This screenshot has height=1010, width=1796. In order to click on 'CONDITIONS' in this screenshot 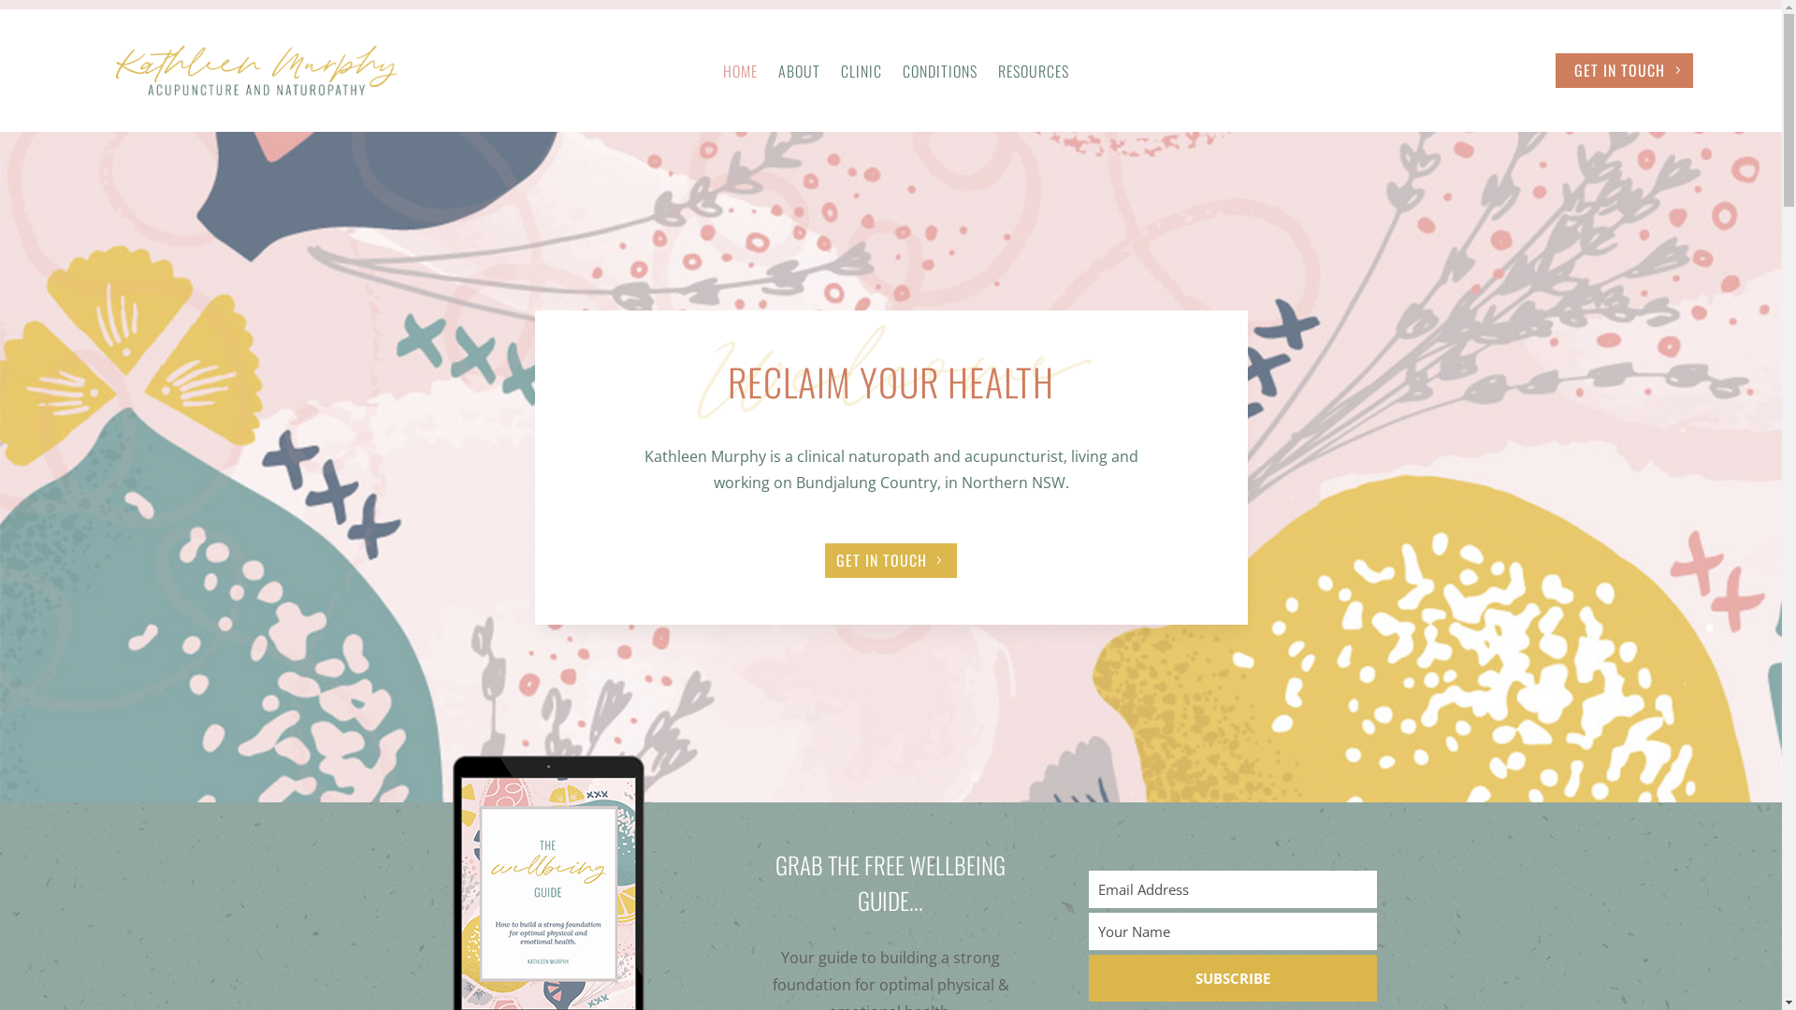, I will do `click(939, 74)`.